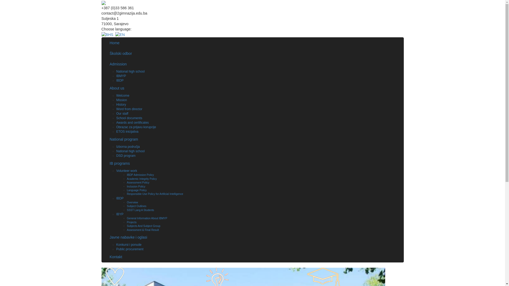  I want to click on 'IBDP', so click(119, 81).